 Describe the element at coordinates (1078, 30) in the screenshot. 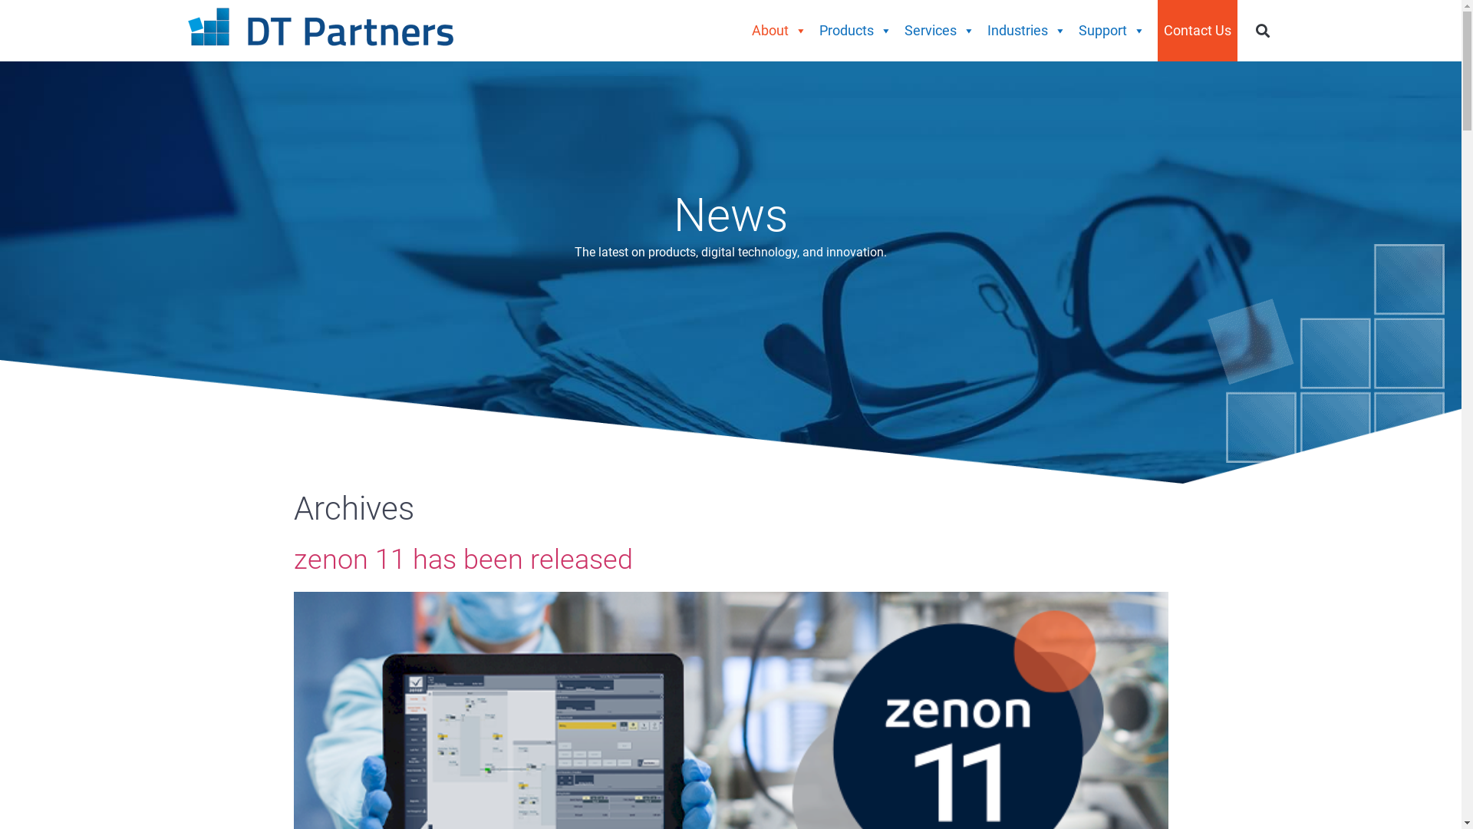

I see `'Support'` at that location.